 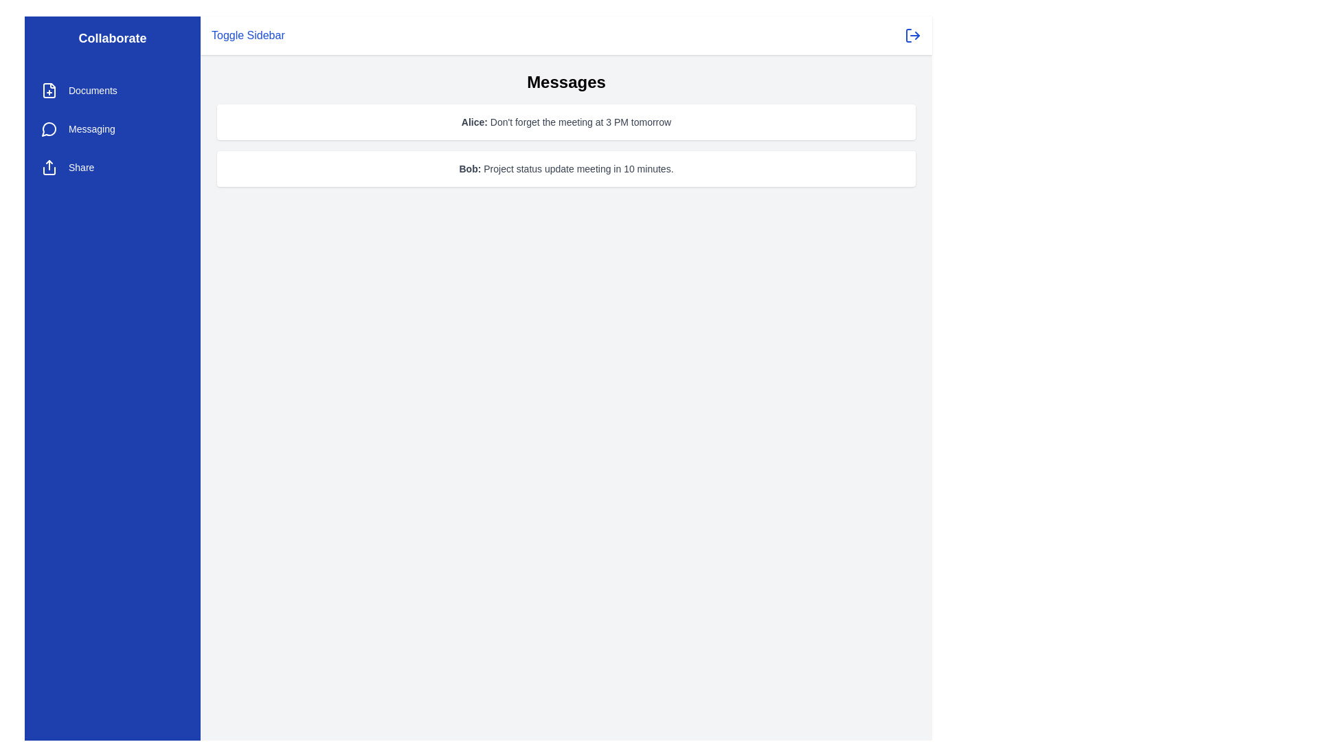 What do you see at coordinates (248, 34) in the screenshot?
I see `the 'Toggle Sidebar' button, which is a blue textual label styled in bold, positioned near the top left of the interface, right next to the blue sidebar` at bounding box center [248, 34].